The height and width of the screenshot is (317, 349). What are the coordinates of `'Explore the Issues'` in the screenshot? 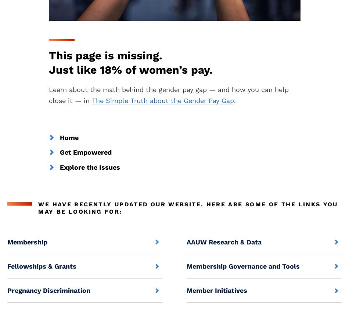 It's located at (89, 167).